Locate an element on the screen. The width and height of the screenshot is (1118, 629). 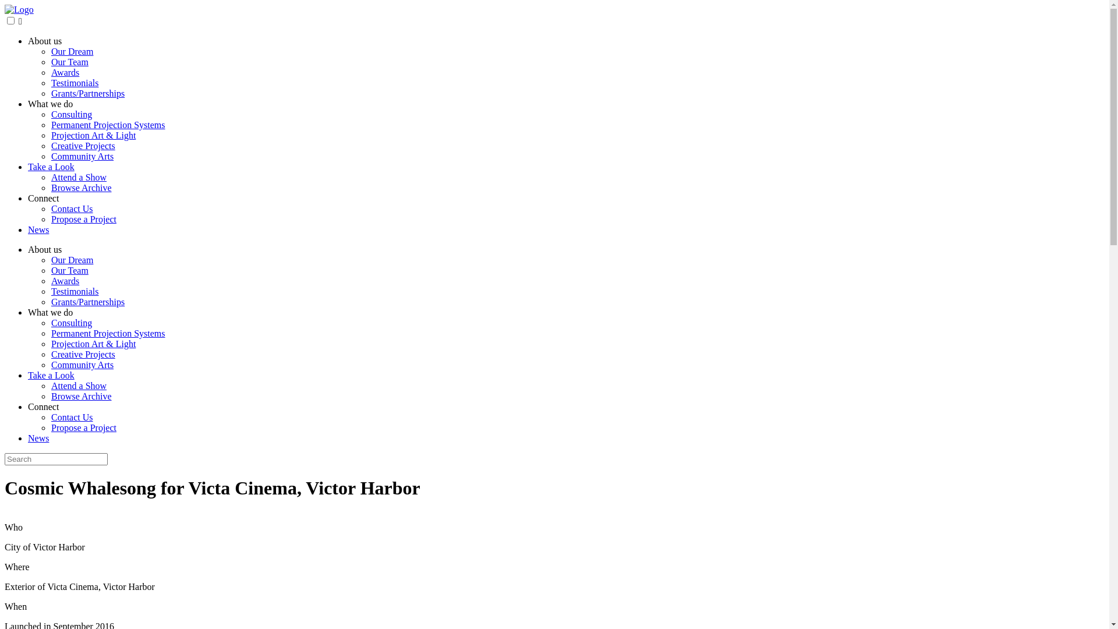
'Contact Us' is located at coordinates (50, 208).